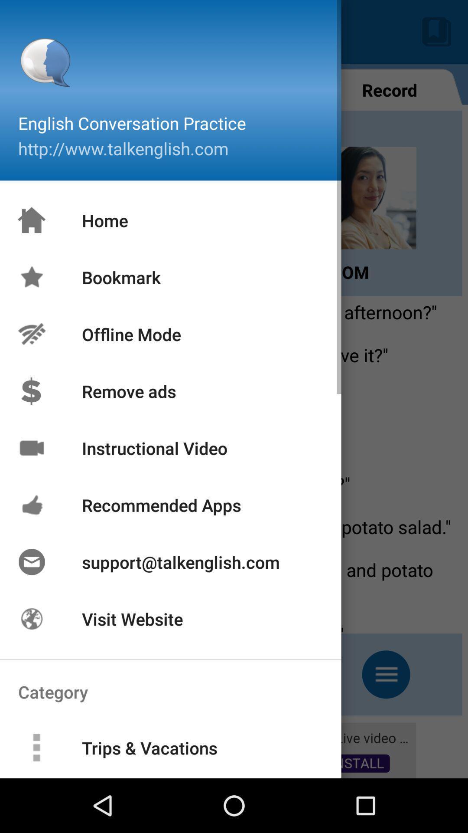  I want to click on the minus icon, so click(234, 674).